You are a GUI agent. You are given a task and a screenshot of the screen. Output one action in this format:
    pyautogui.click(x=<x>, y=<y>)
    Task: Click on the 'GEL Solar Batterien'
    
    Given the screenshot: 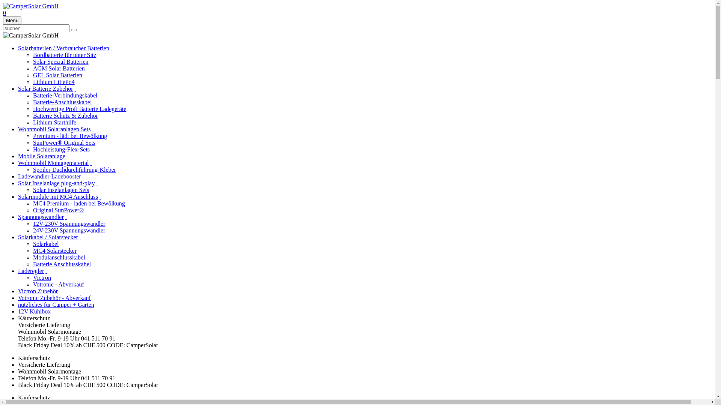 What is the action you would take?
    pyautogui.click(x=32, y=75)
    